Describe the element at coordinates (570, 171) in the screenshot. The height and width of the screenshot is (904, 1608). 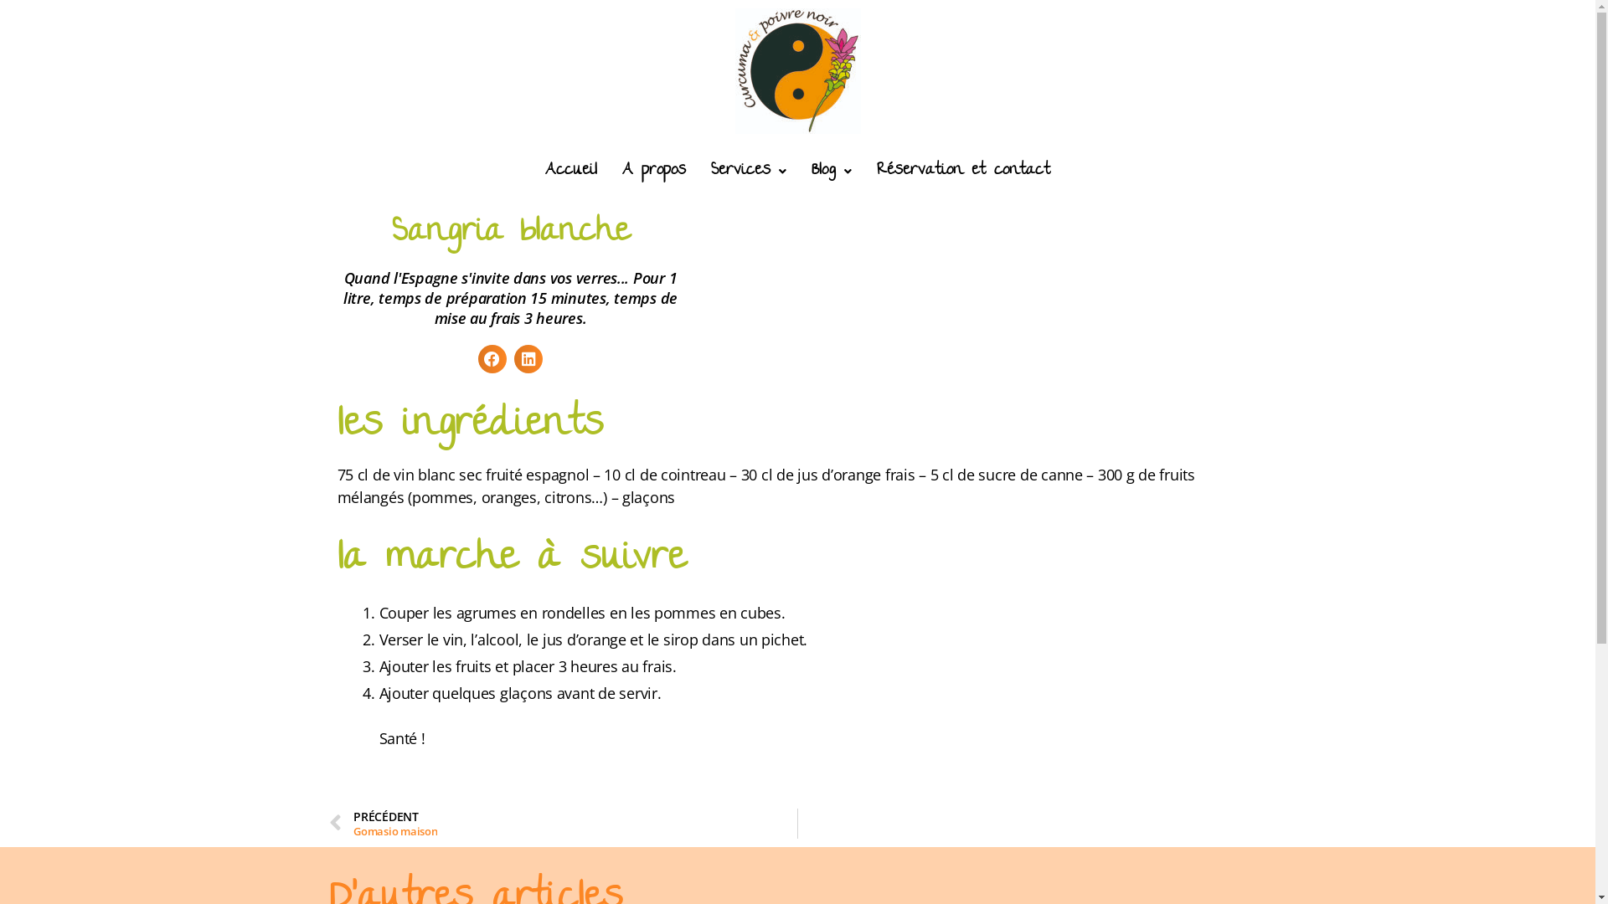
I see `'Accueil'` at that location.